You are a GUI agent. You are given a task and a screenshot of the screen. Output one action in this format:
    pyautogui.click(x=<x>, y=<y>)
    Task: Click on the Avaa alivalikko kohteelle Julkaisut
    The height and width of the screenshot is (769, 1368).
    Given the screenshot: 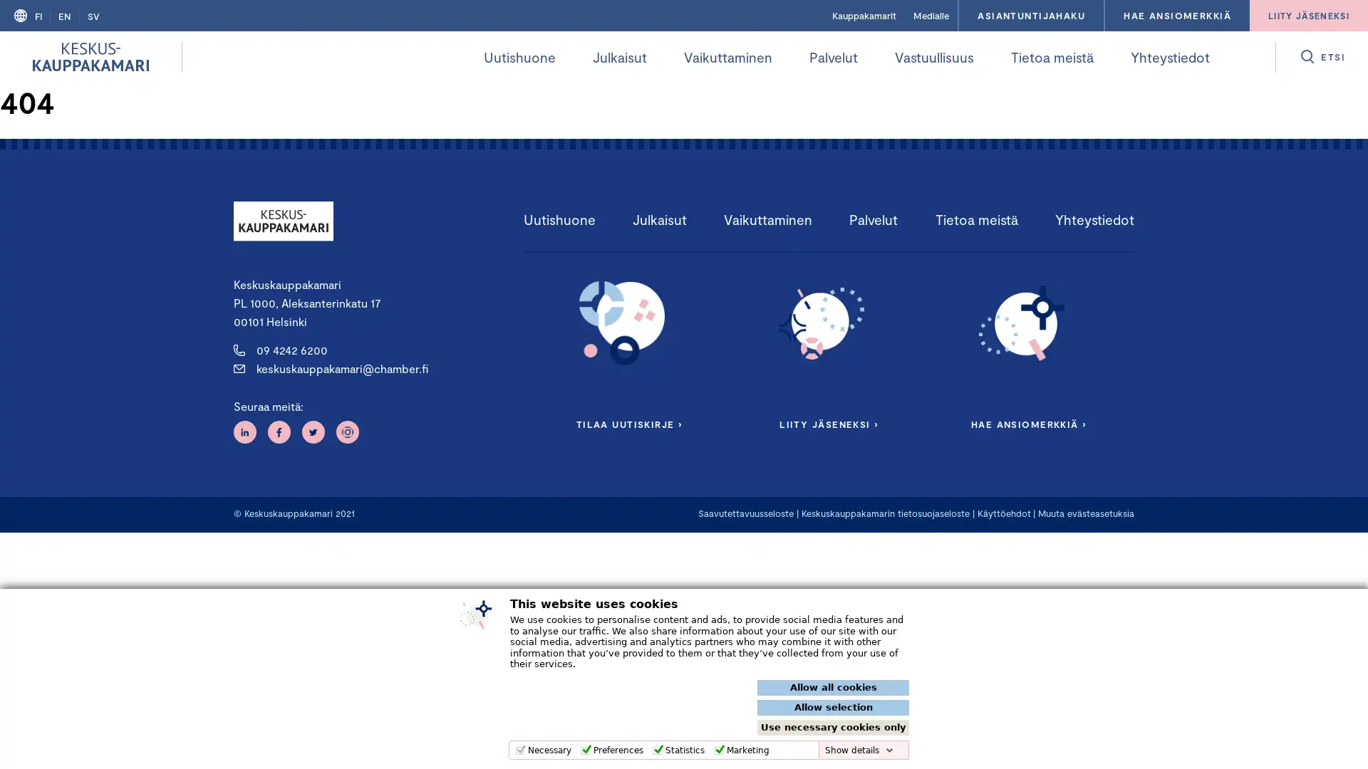 What is the action you would take?
    pyautogui.click(x=659, y=68)
    